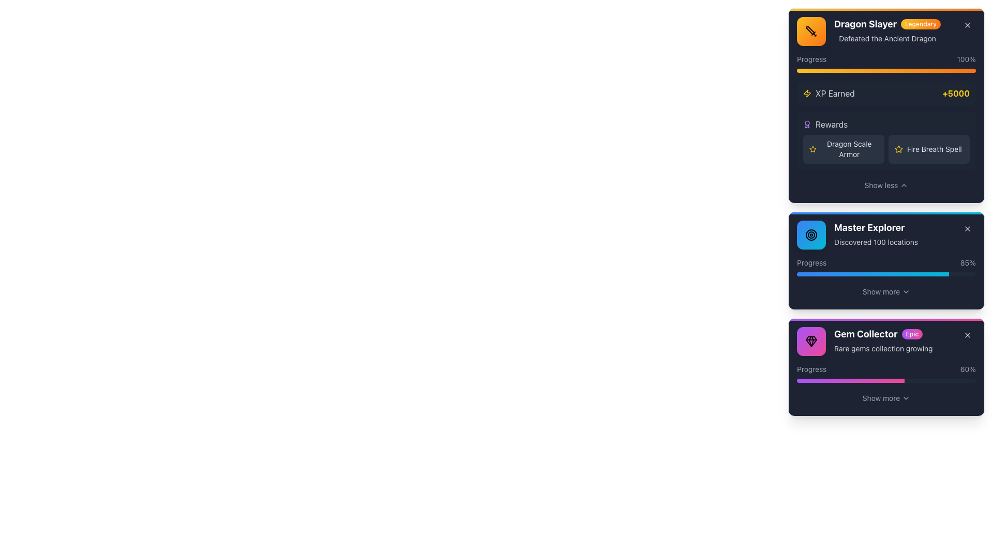 This screenshot has width=993, height=558. What do you see at coordinates (811, 380) in the screenshot?
I see `the progress value` at bounding box center [811, 380].